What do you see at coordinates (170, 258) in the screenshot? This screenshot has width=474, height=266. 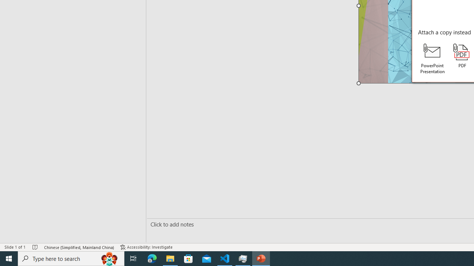 I see `'File Explorer - 1 running window'` at bounding box center [170, 258].